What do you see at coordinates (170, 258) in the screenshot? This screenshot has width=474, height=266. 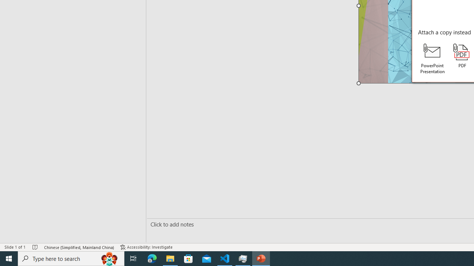 I see `'File Explorer - 1 running window'` at bounding box center [170, 258].